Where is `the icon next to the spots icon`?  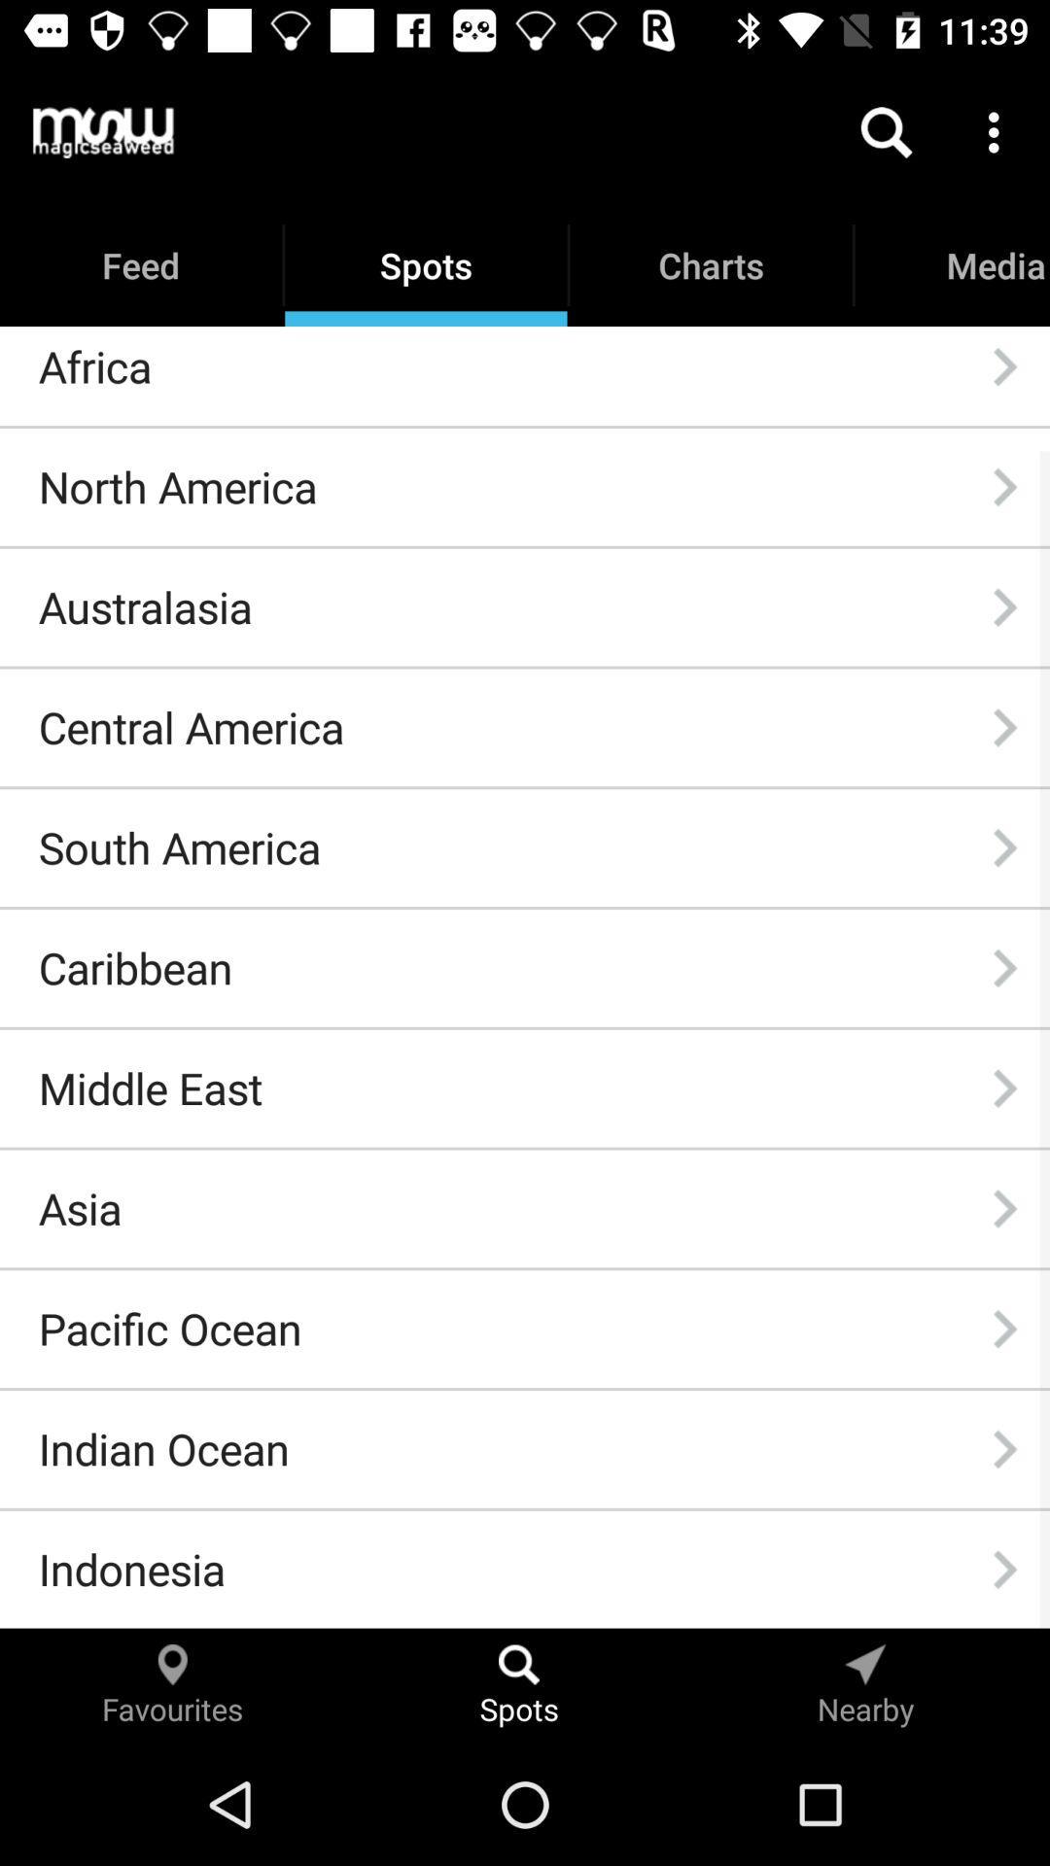
the icon next to the spots icon is located at coordinates (103, 131).